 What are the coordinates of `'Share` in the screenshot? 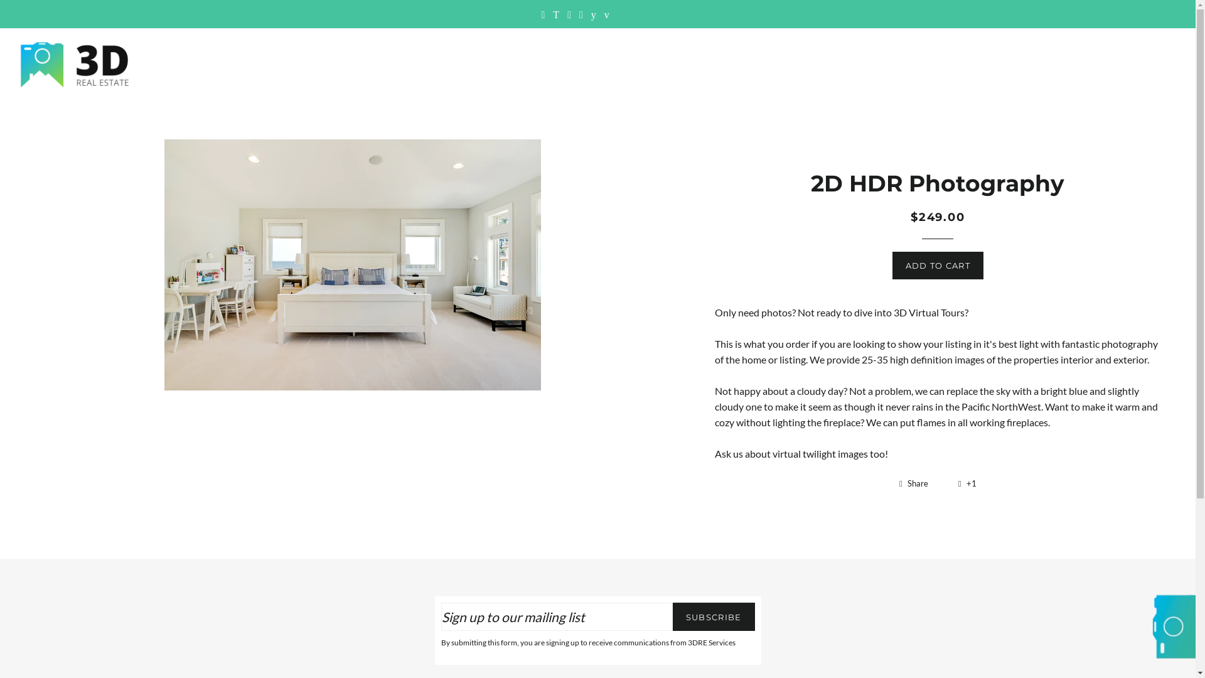 It's located at (921, 483).